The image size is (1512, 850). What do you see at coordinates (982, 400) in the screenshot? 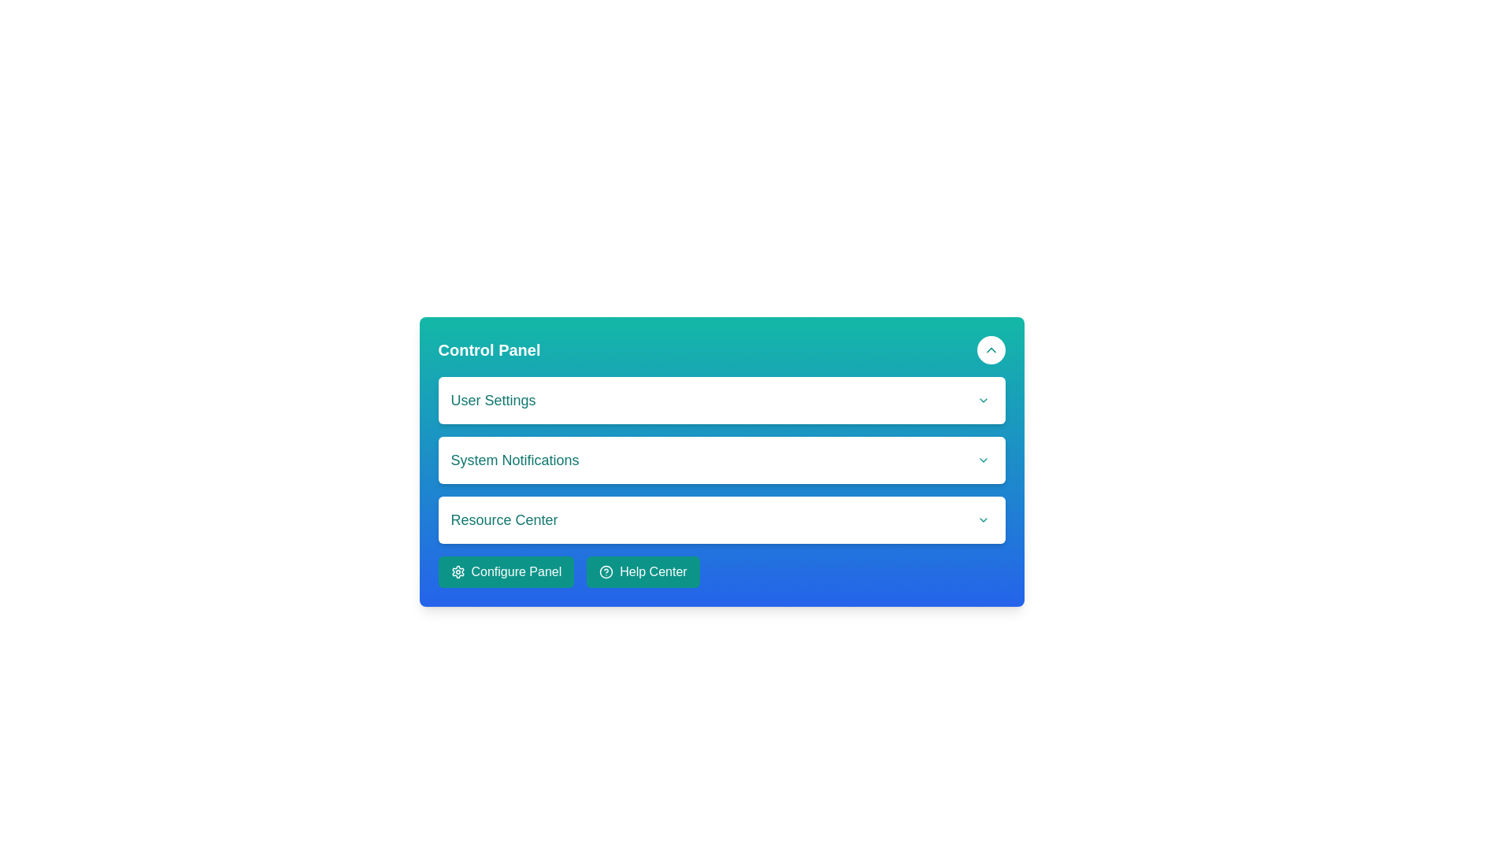
I see `the Dropdown indicator icon located to the far right within the 'User Settings' dropdown button in the 'Control Panel' interface` at bounding box center [982, 400].